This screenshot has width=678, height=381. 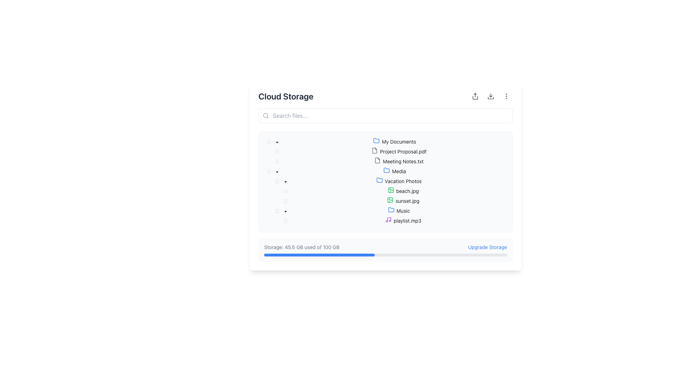 I want to click on the decorative hierarchical indentation marker for the 'sunset.jpg' file entry located at the far left of its line in the tree structure, so click(x=272, y=201).